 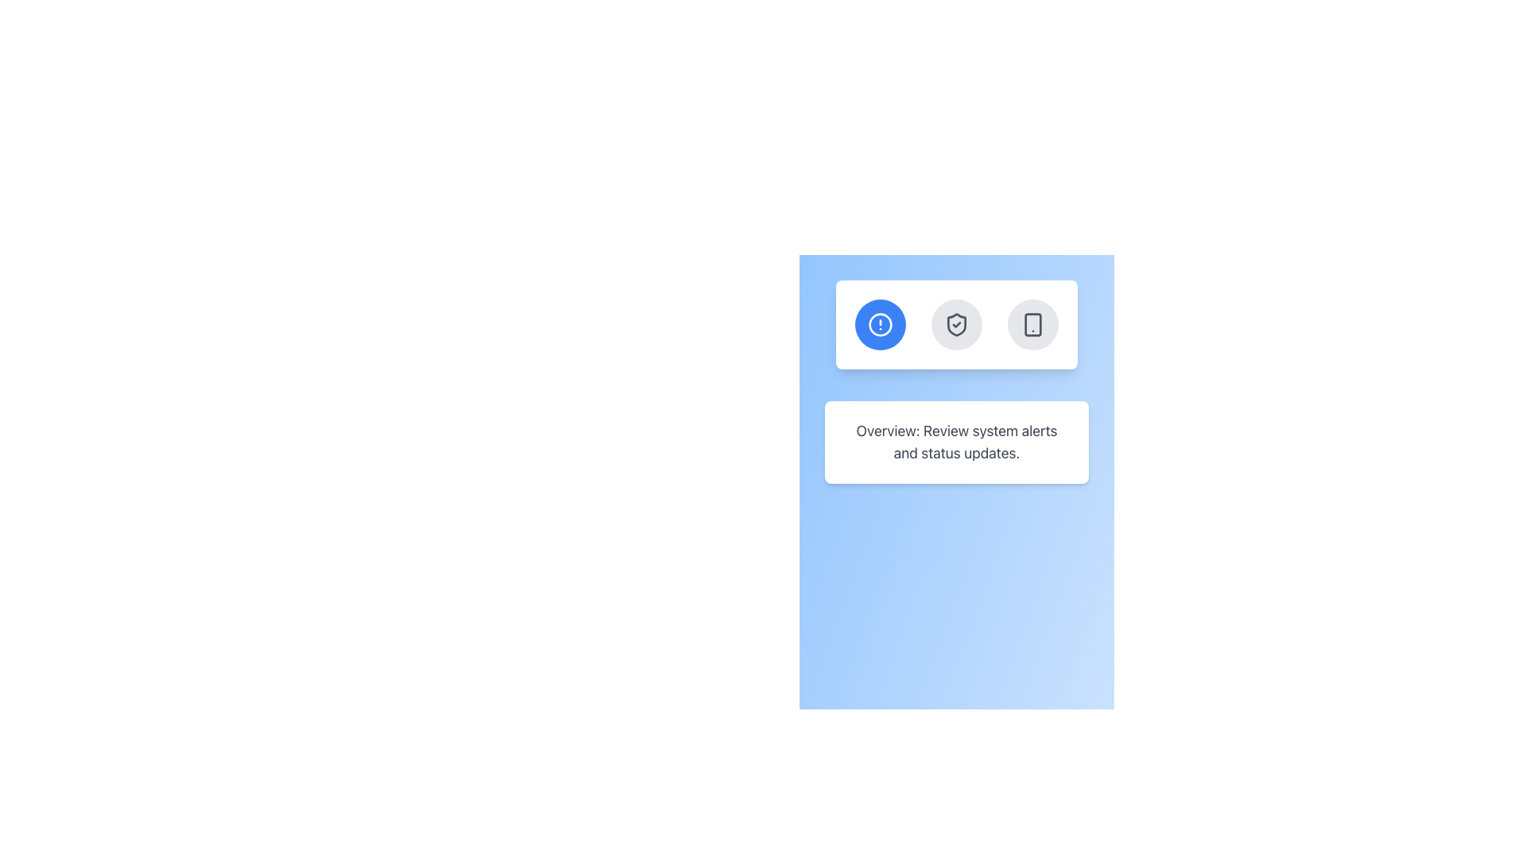 I want to click on the smartphone icon located in the rightmost group of three circular icons at the top section of the interface, specifically the third icon positioned to the right of the shield icon, so click(x=1033, y=323).